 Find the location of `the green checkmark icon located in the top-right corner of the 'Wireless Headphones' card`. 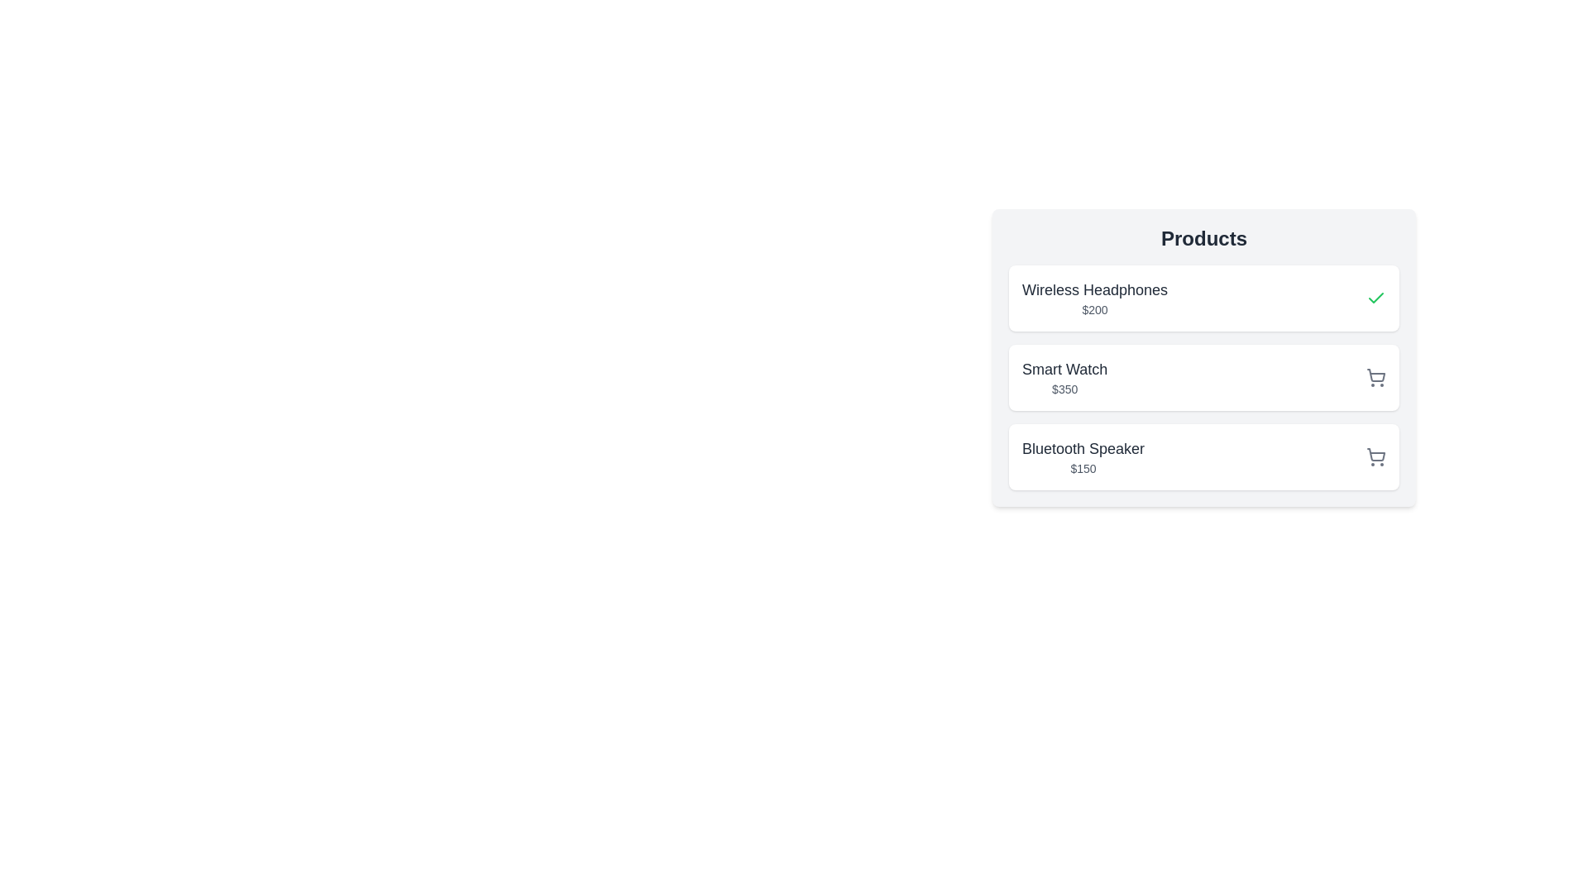

the green checkmark icon located in the top-right corner of the 'Wireless Headphones' card is located at coordinates (1376, 298).